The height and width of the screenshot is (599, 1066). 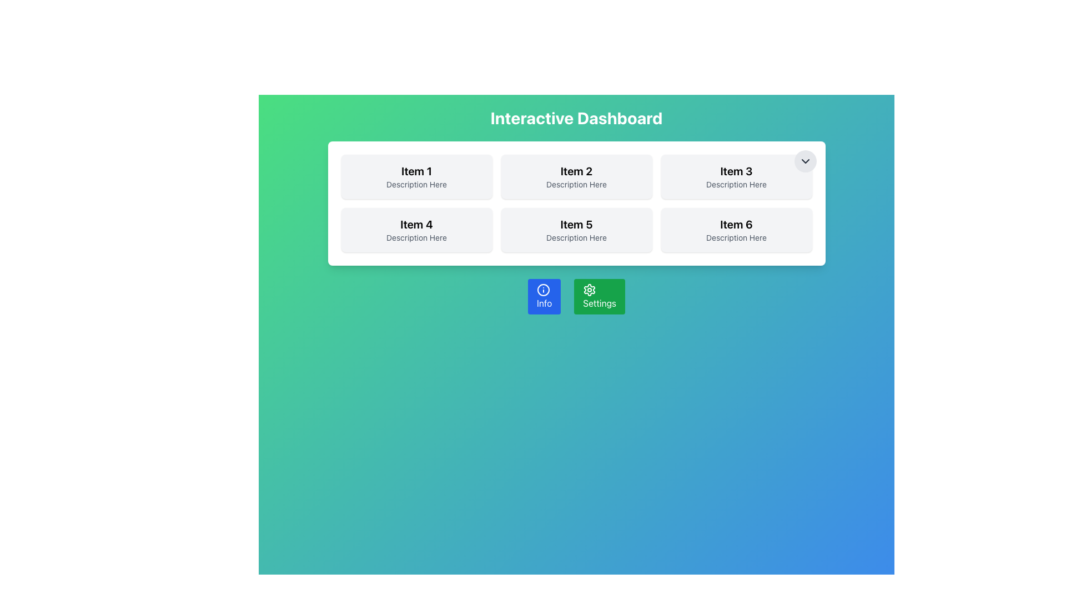 What do you see at coordinates (576, 176) in the screenshot?
I see `the second card in the grid layout containing the title 'Item 2' and the description 'Description Here'` at bounding box center [576, 176].